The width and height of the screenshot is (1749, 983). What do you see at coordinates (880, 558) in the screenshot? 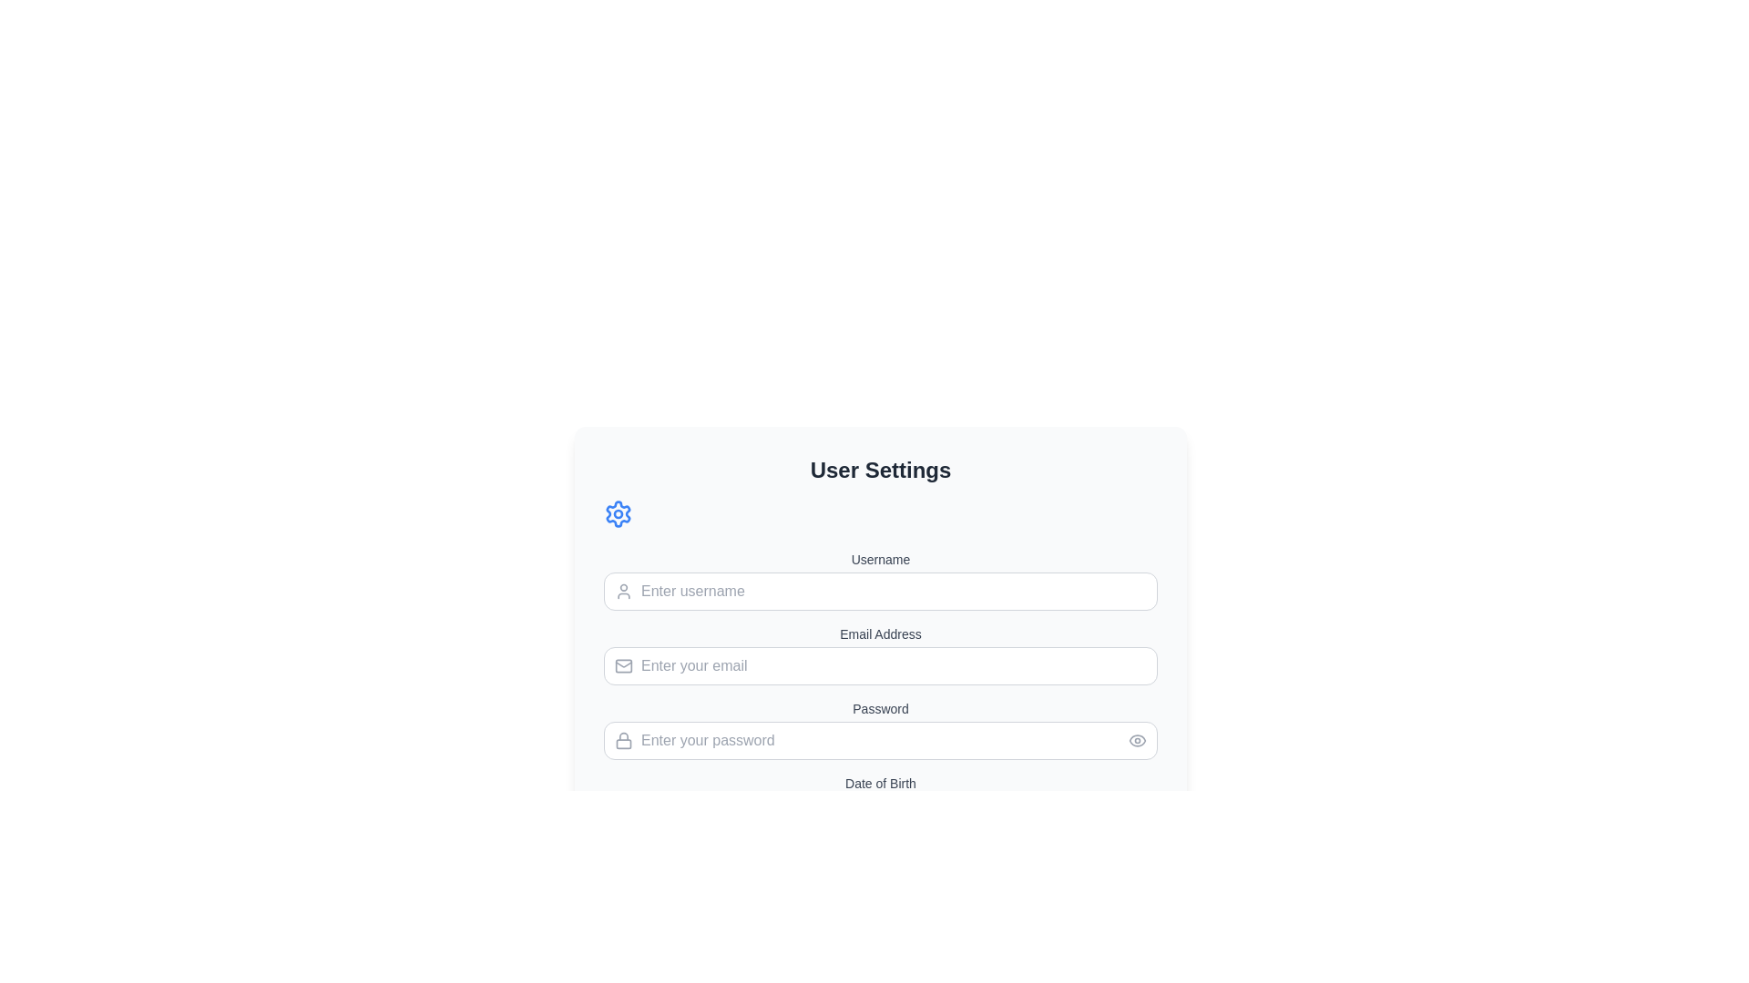
I see `the 'Username' text label, which is styled in gray and positioned above the username input field in the user form` at bounding box center [880, 558].